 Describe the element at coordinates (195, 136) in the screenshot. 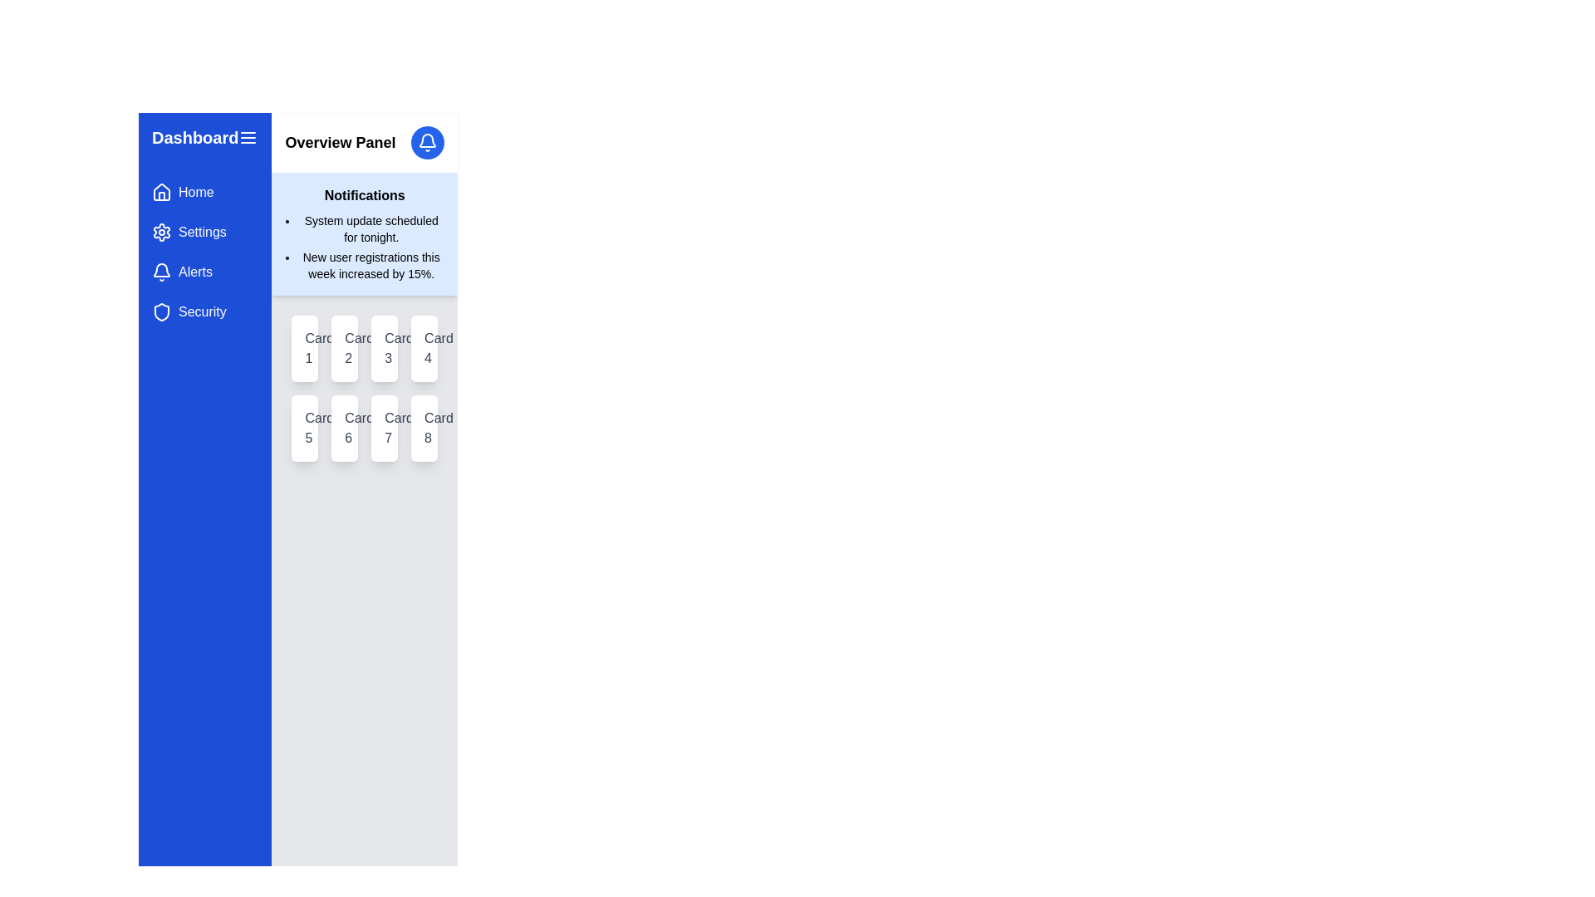

I see `the 'Dashboard' title label located at the top of the left sidebar menu, which indicates the functionality associated with the Dashboard view` at that location.